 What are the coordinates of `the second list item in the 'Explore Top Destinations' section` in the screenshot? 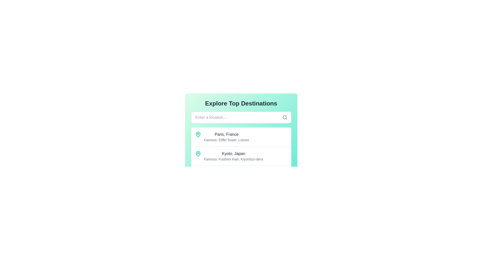 It's located at (241, 156).